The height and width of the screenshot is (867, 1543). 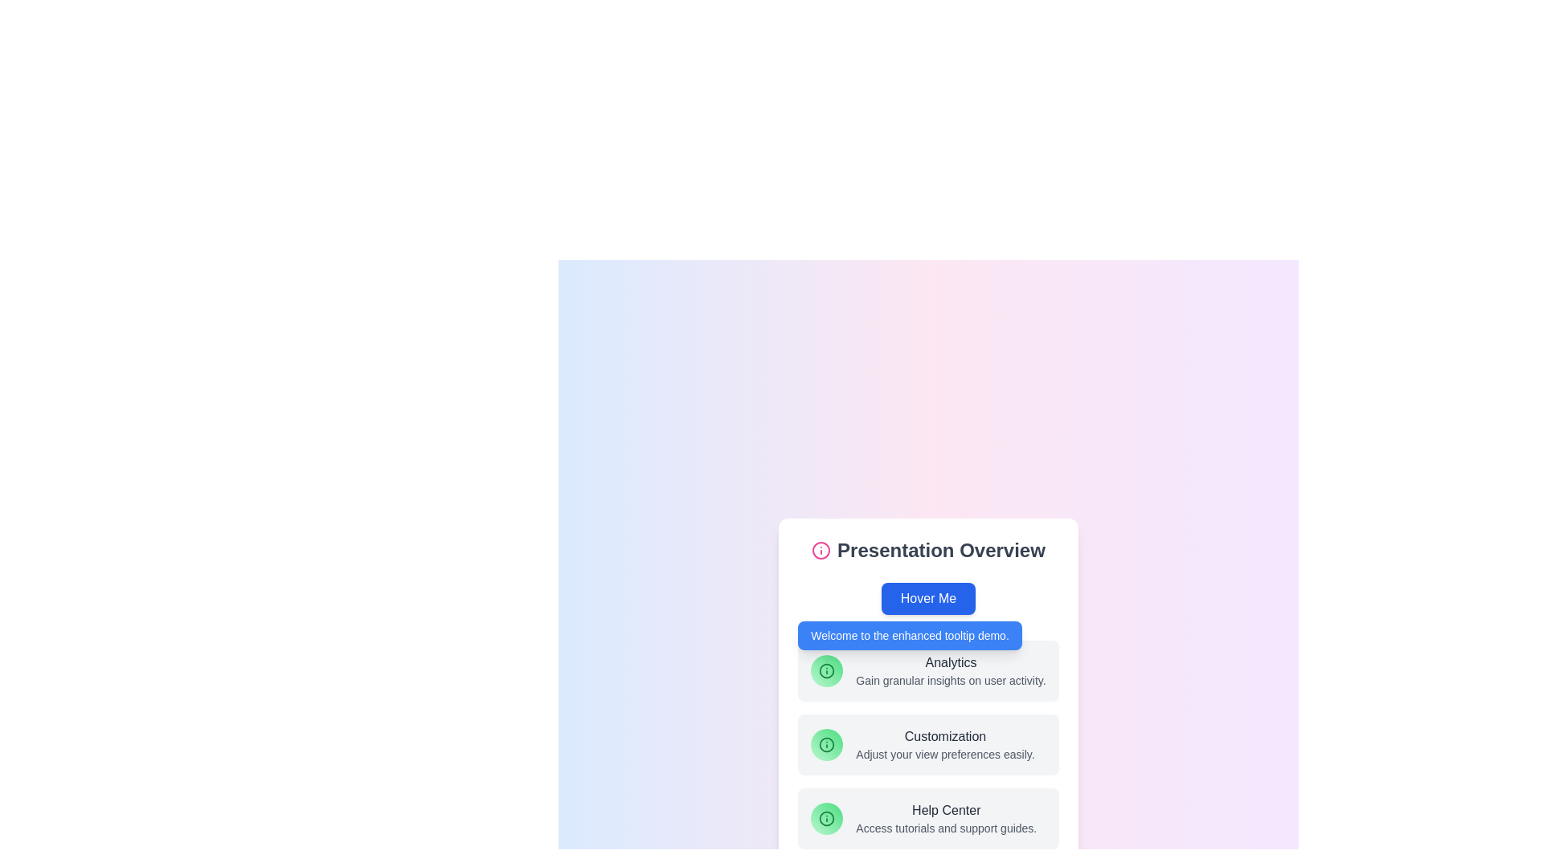 What do you see at coordinates (827, 818) in the screenshot?
I see `the 'Help Center' icon which represents the availability of help, support, or tutorials, located at the leftmost position in the 'Help Center' section under the 'Presentation Overview' heading` at bounding box center [827, 818].